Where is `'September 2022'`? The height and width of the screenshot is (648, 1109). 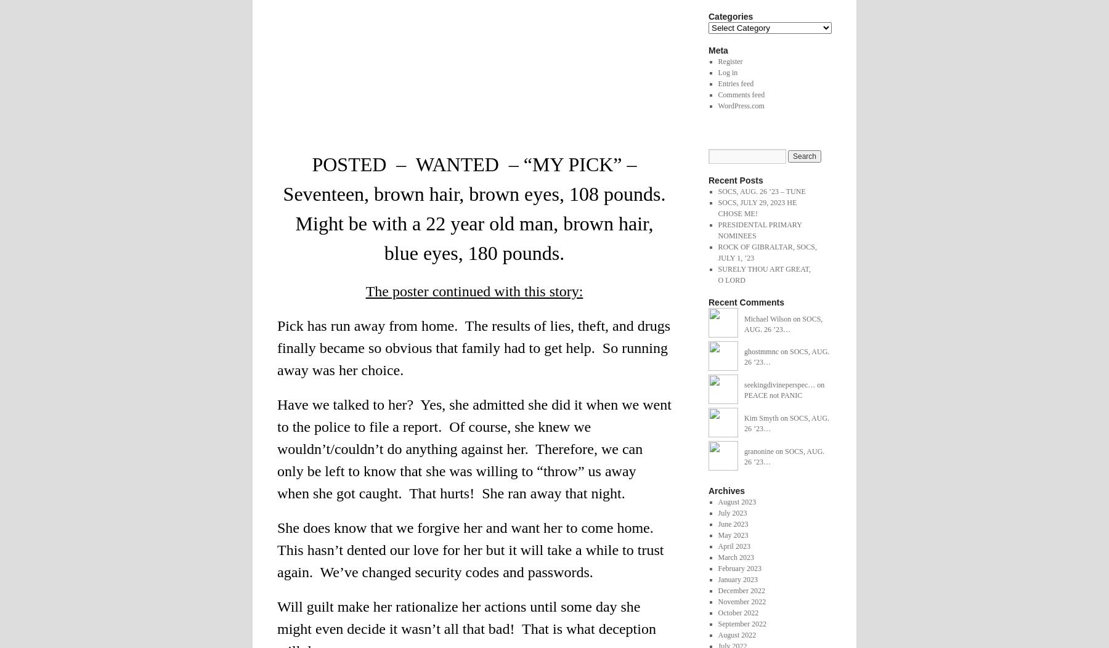 'September 2022' is located at coordinates (741, 623).